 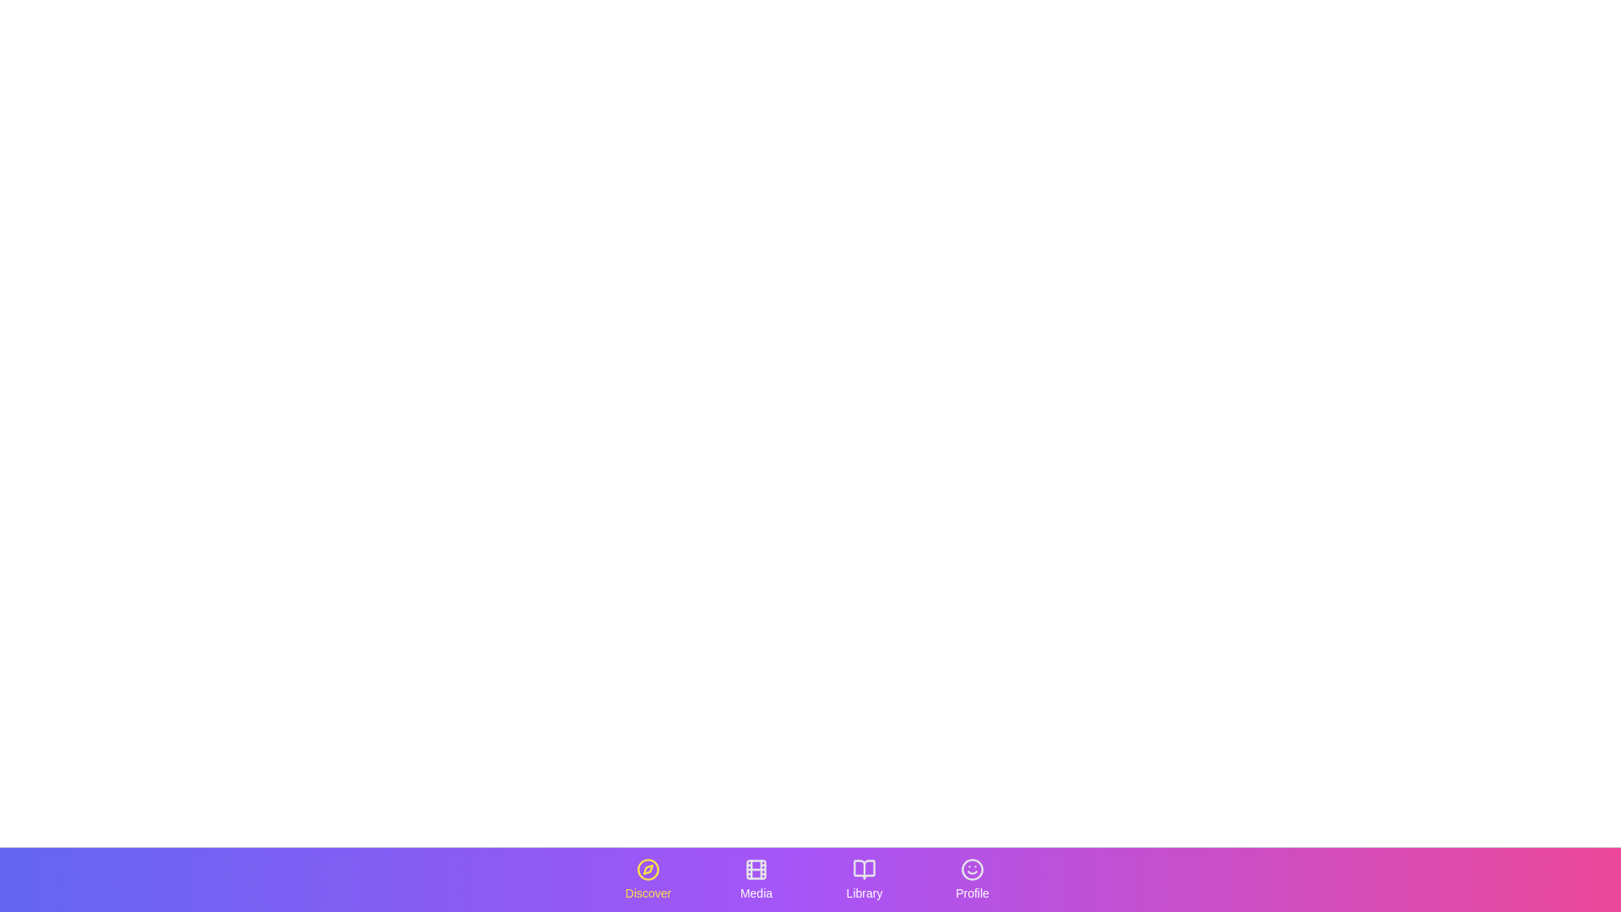 What do you see at coordinates (864, 878) in the screenshot?
I see `the tab labeled Library` at bounding box center [864, 878].